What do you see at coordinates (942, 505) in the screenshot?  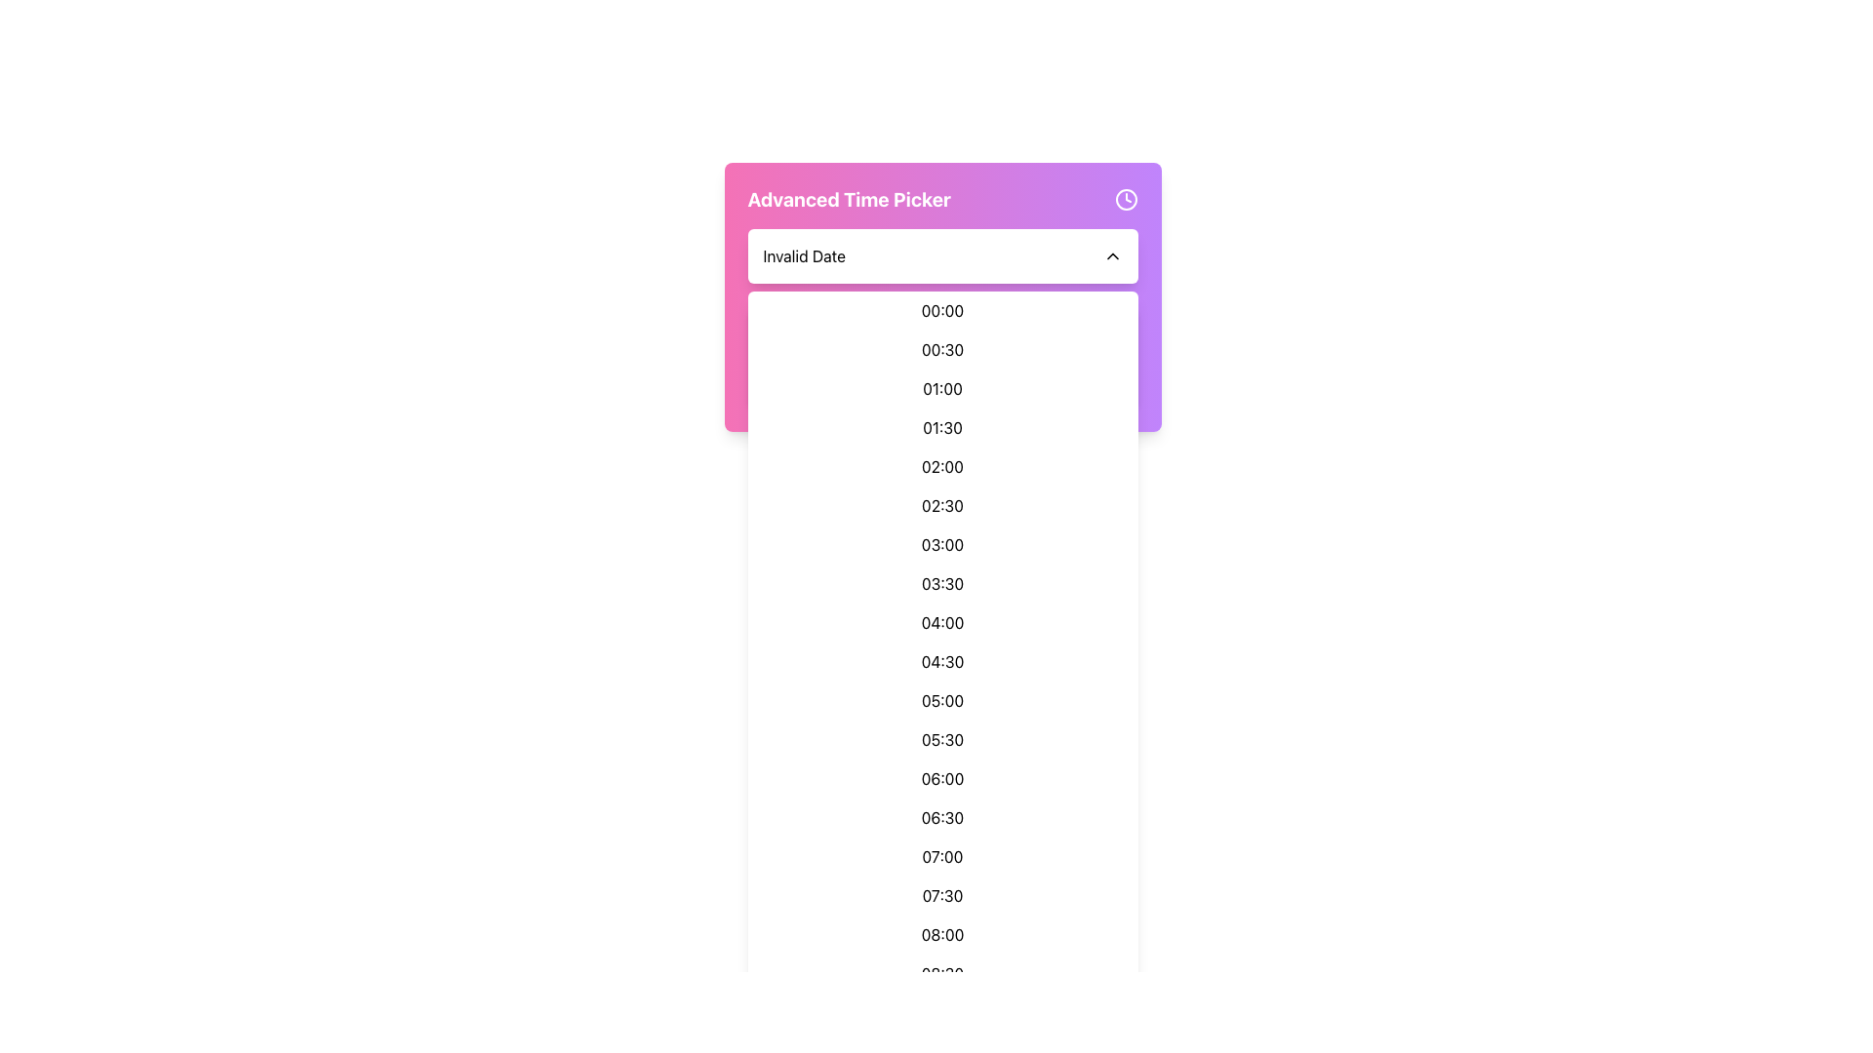 I see `the selectable list item displaying the time '02:30'` at bounding box center [942, 505].